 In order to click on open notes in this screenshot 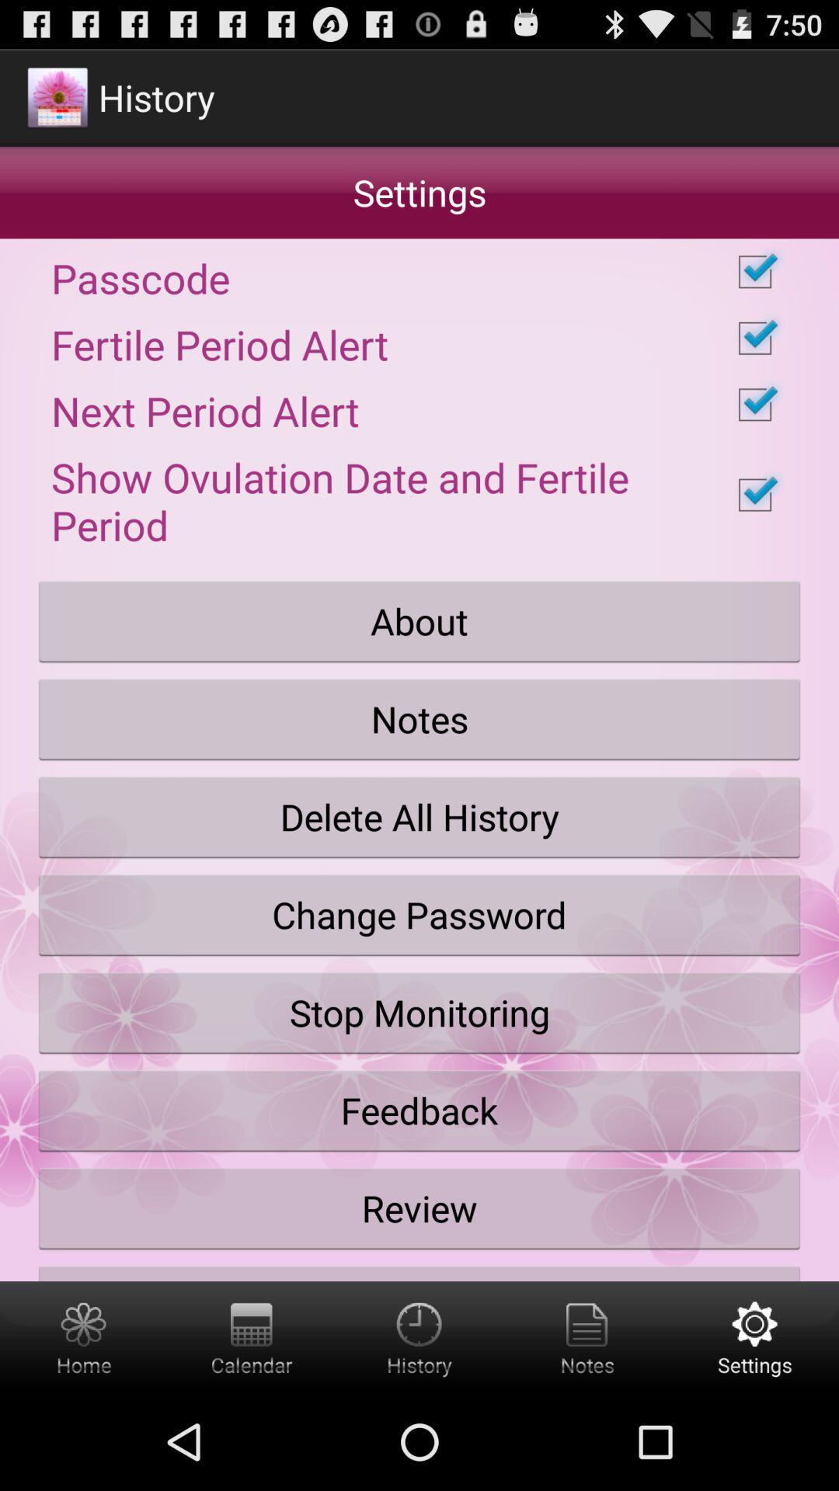, I will do `click(587, 1336)`.